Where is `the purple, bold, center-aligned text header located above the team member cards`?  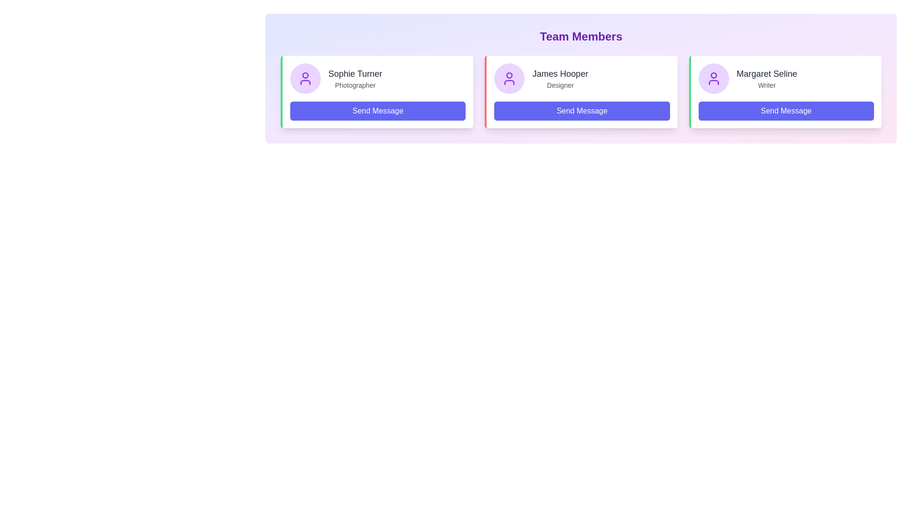 the purple, bold, center-aligned text header located above the team member cards is located at coordinates (580, 36).